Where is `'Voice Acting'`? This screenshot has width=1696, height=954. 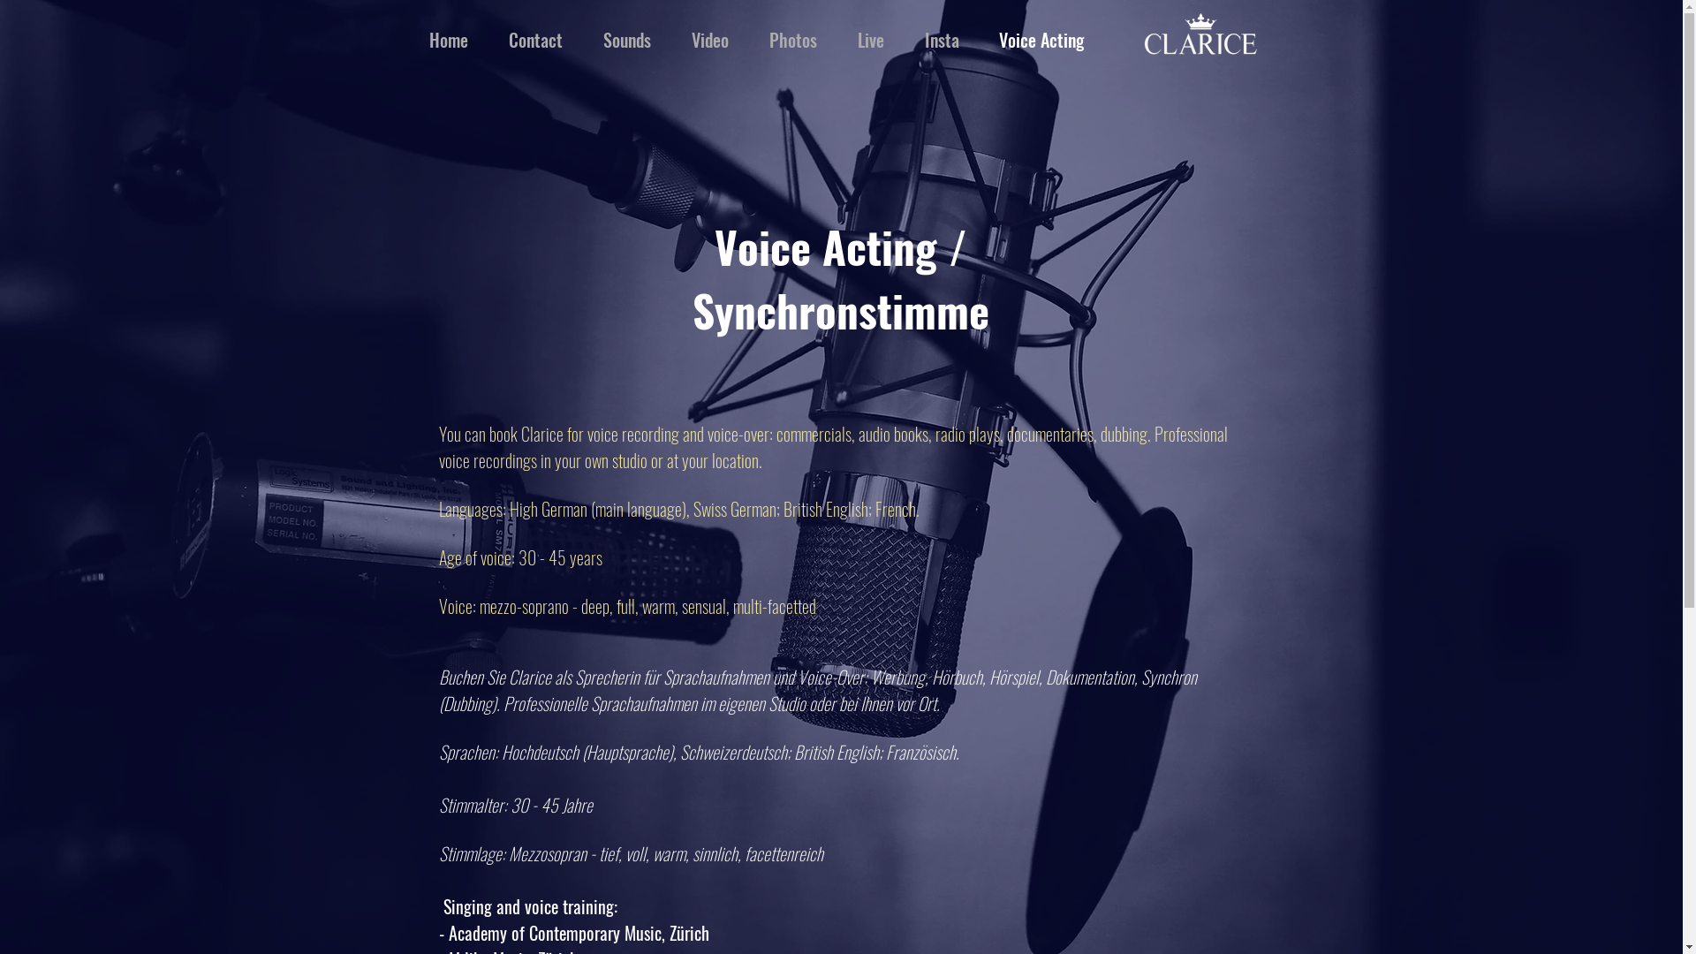
'Voice Acting' is located at coordinates (1041, 40).